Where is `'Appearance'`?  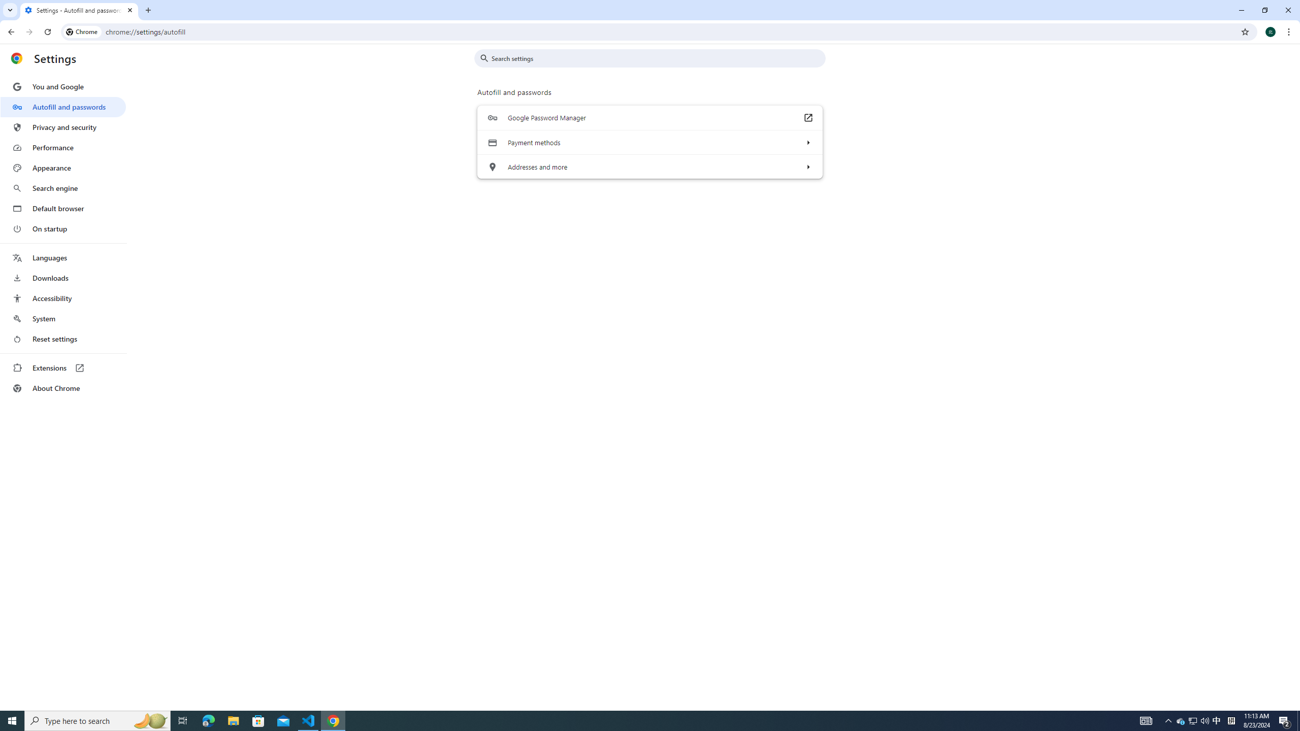
'Appearance' is located at coordinates (62, 168).